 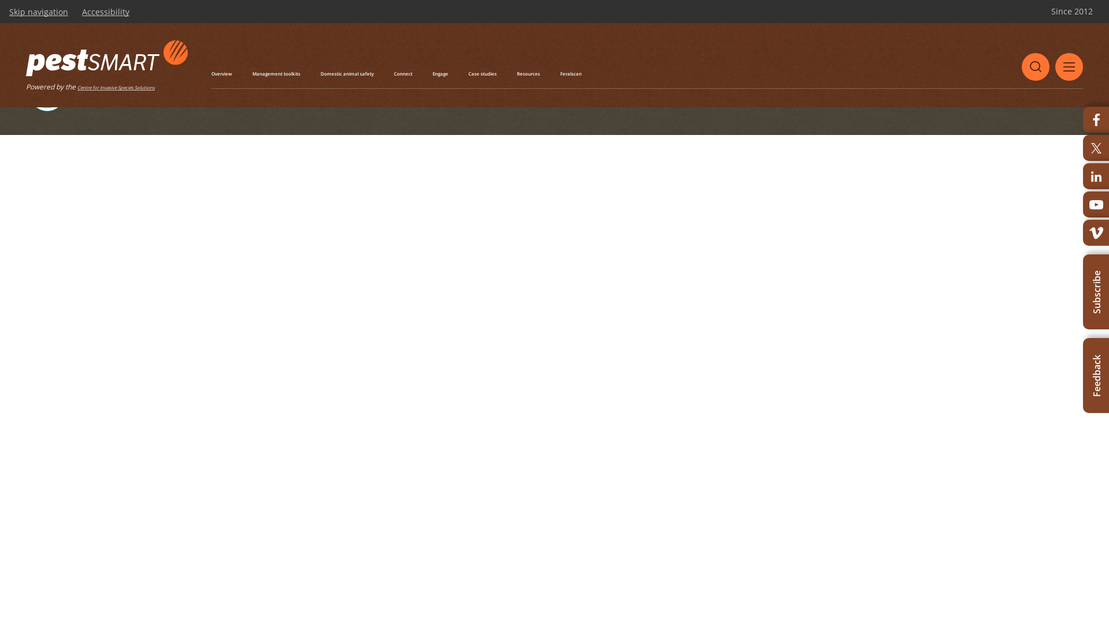 I want to click on 'Case studies', so click(x=482, y=73).